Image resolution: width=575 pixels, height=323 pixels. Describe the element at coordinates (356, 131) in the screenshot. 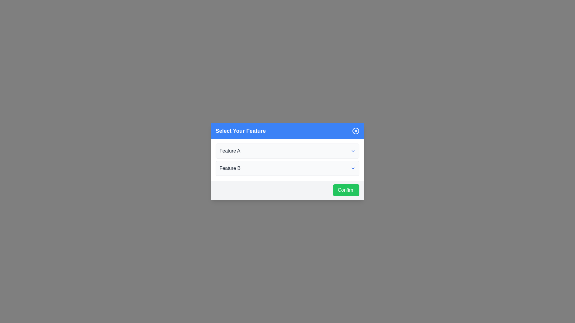

I see `the SVG circle element located in the top-right corner of the blue header bar of the modal dialog, which features a centered radial pattern and an X mark at its center` at that location.